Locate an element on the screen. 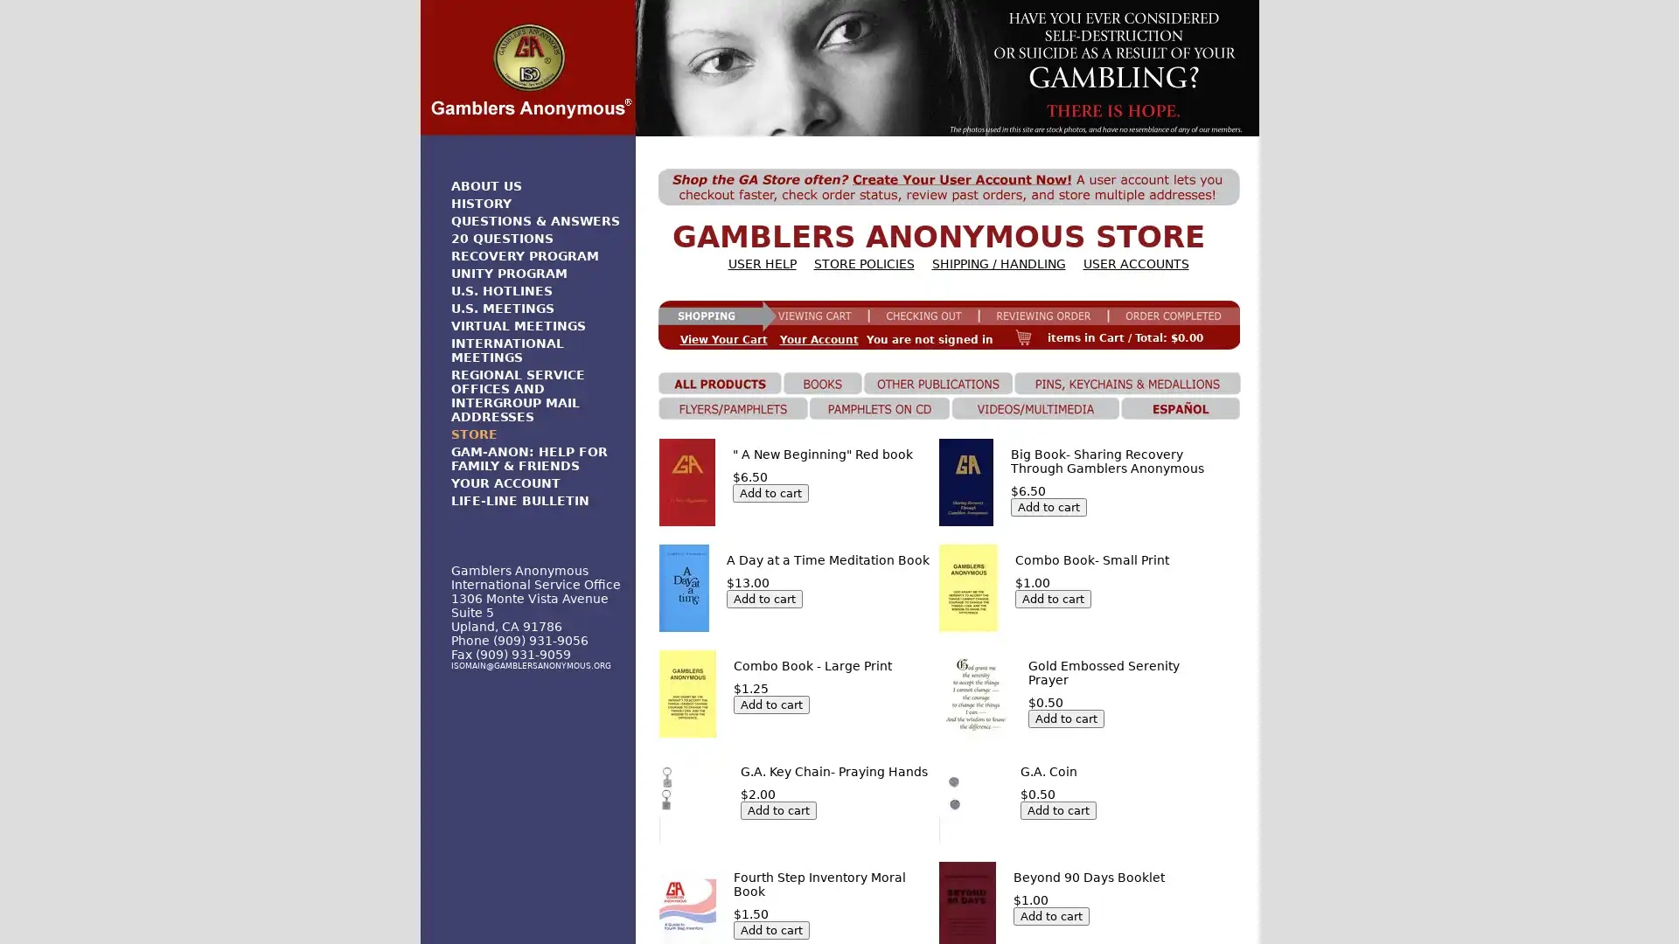  Add to cart is located at coordinates (1065, 718).